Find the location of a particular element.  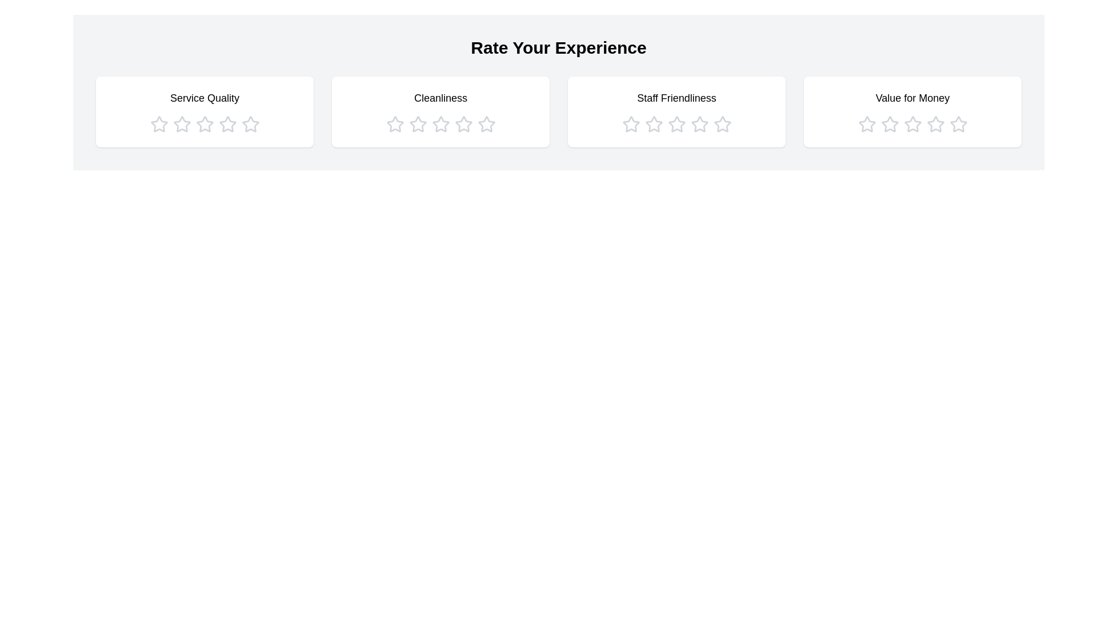

the star icon corresponding to 3 stars in the category Staff Friendliness is located at coordinates (676, 125).